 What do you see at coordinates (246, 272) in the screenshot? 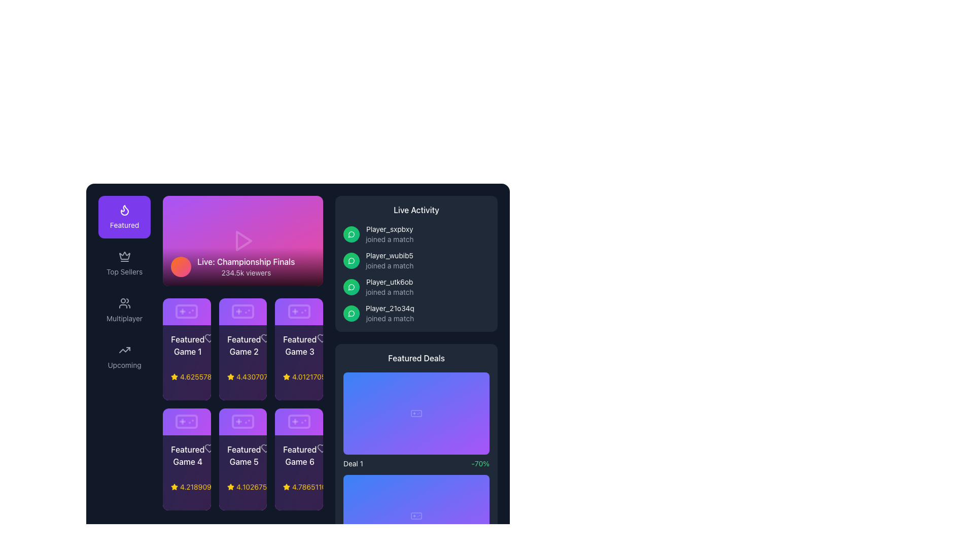
I see `the text label displaying '234.5k viewers', which is styled in gray color and located under the title 'Live: Championship Finals' within the live event display module` at bounding box center [246, 272].